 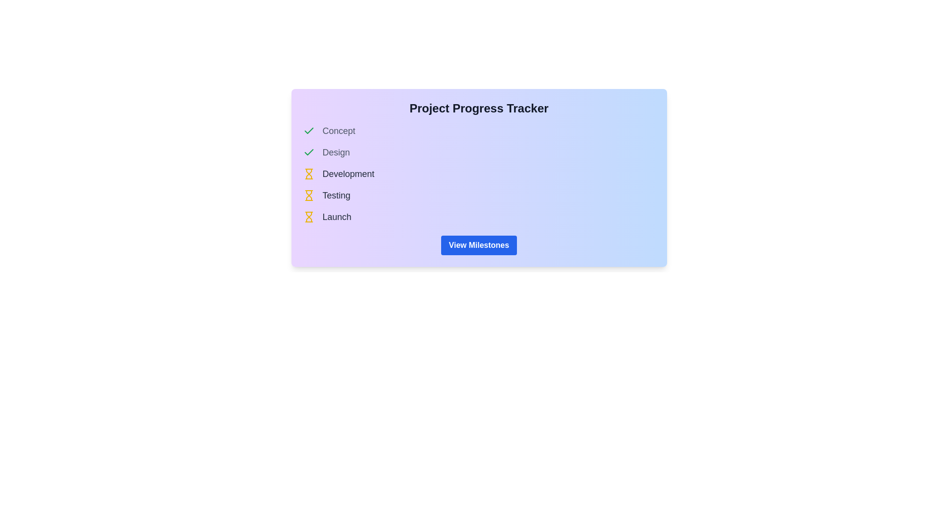 What do you see at coordinates (337, 216) in the screenshot?
I see `the text label displaying 'Launch' in a medium-sized, gray-colored font, which is bold and positioned at the end of the vertical list under 'Project Progress Tracker.'` at bounding box center [337, 216].